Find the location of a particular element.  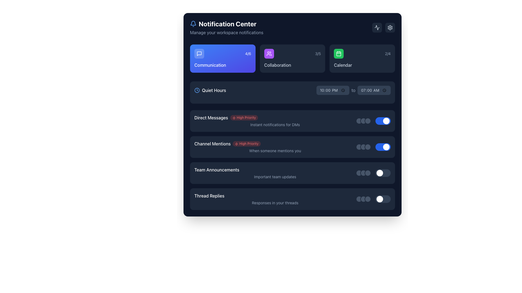

the gear icon located at the top-right corner of the interface is located at coordinates (390, 27).